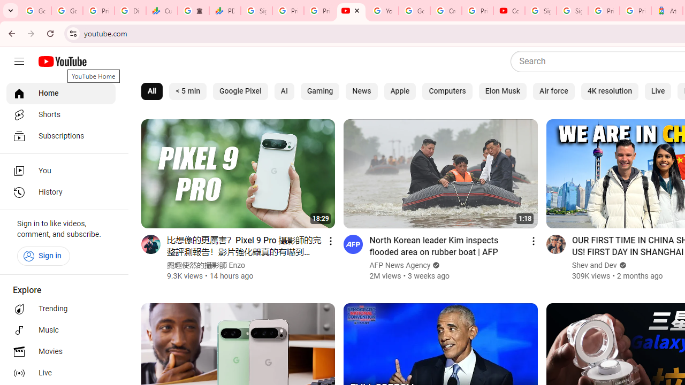 This screenshot has height=385, width=685. I want to click on 'Subscriptions', so click(60, 135).